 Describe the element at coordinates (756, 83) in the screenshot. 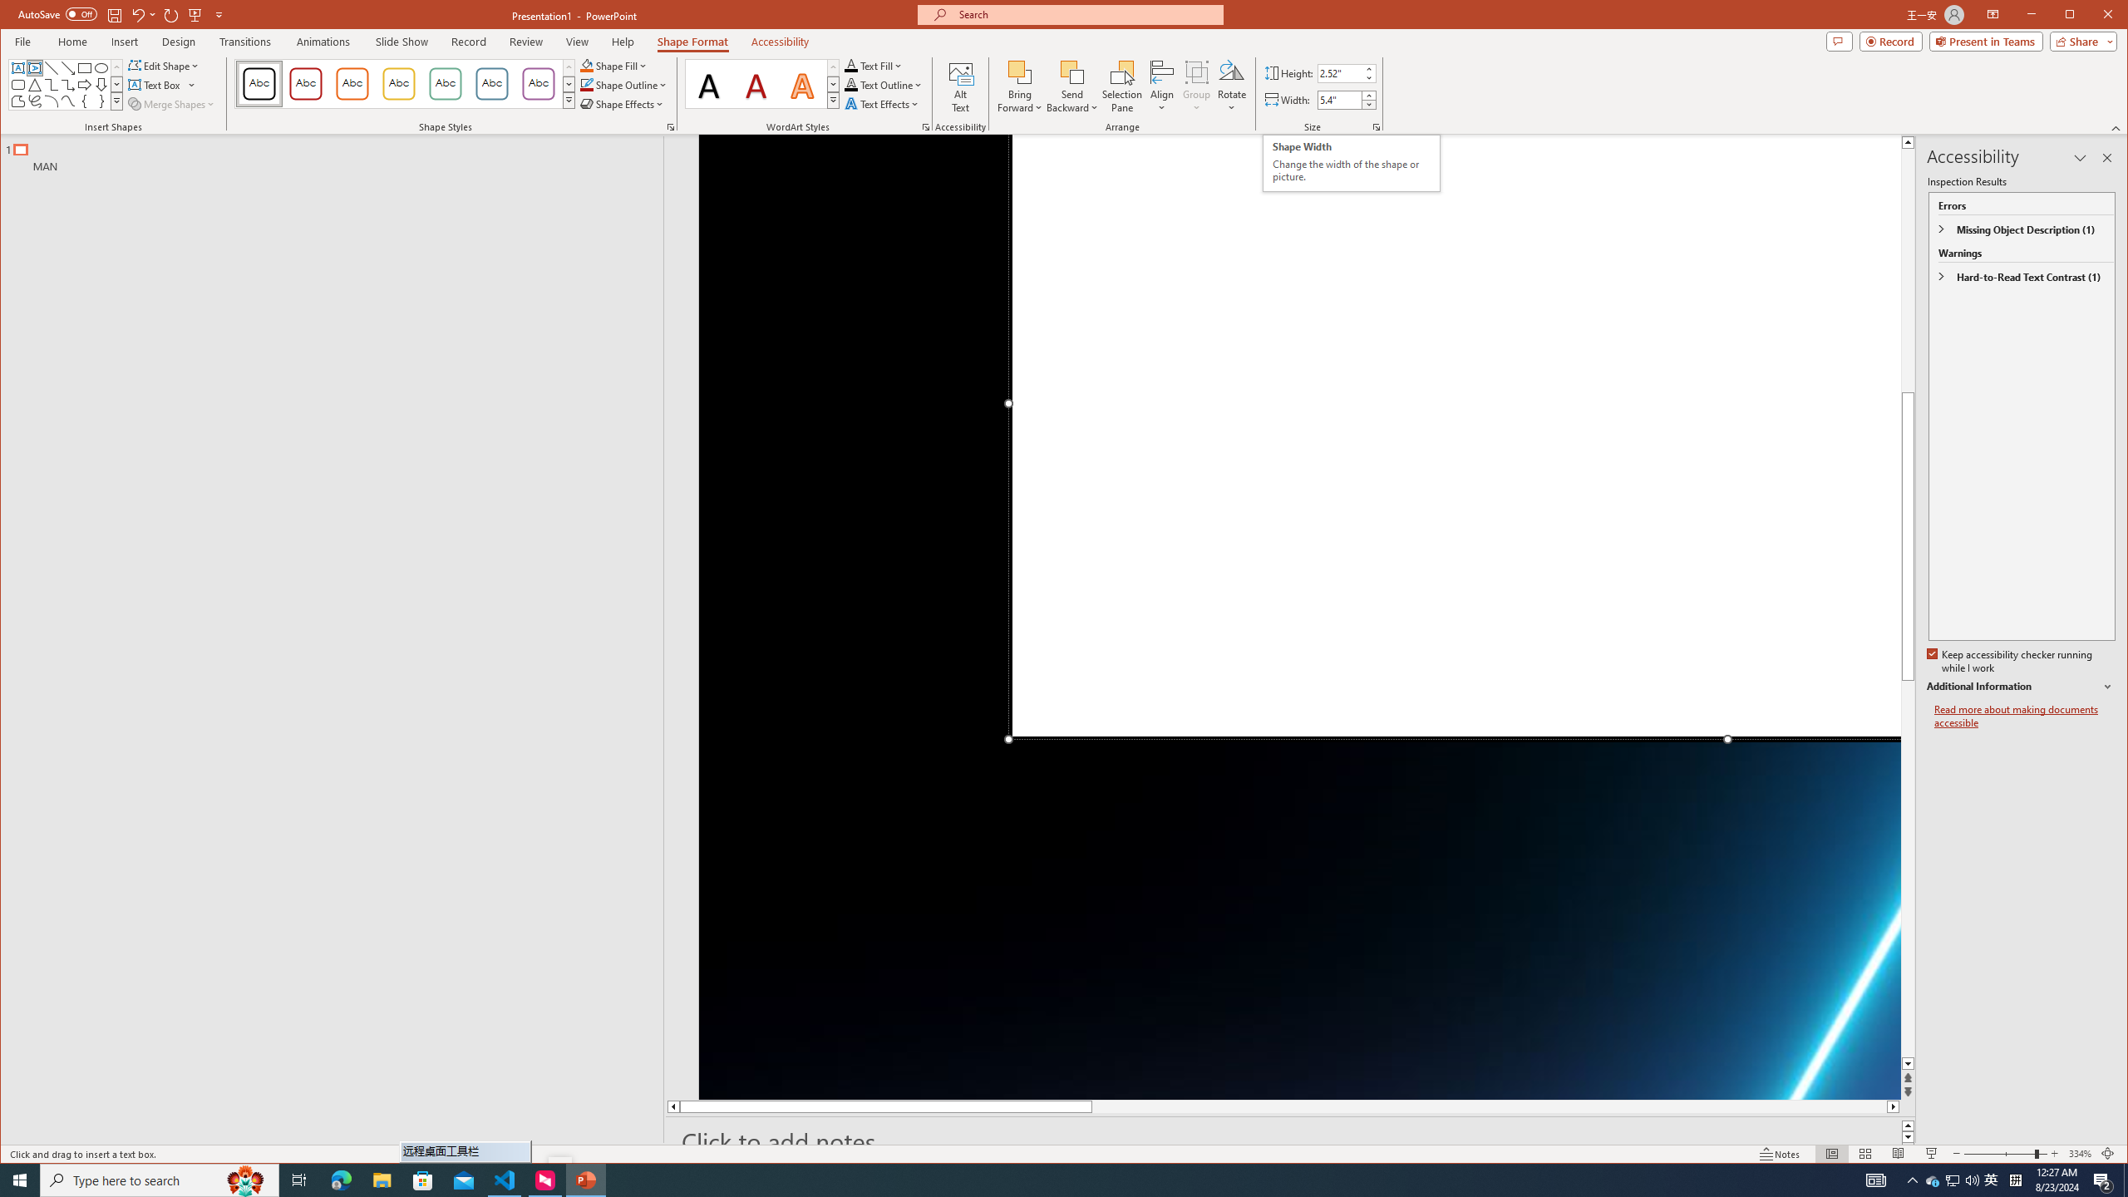

I see `'Fill: Dark Red, Accent color 1; Shadow'` at that location.